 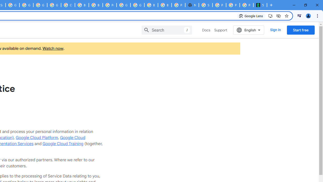 What do you see at coordinates (53, 49) in the screenshot?
I see `'Watch now'` at bounding box center [53, 49].